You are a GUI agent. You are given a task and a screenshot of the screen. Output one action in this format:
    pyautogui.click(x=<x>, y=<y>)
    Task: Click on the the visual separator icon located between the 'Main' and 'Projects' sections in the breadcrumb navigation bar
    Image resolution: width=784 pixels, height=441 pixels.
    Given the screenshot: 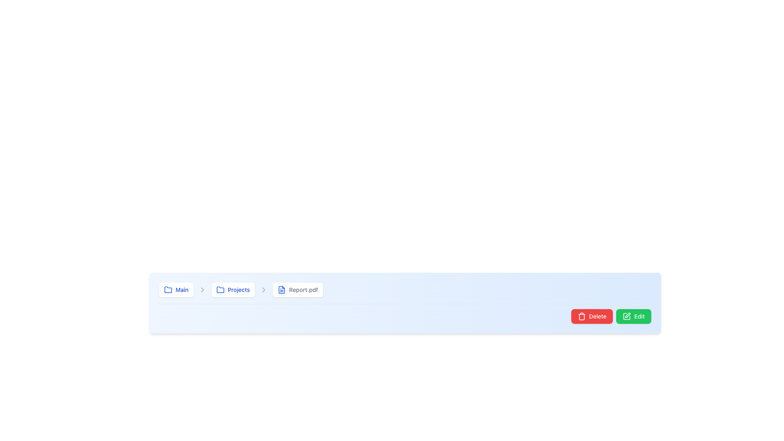 What is the action you would take?
    pyautogui.click(x=202, y=289)
    